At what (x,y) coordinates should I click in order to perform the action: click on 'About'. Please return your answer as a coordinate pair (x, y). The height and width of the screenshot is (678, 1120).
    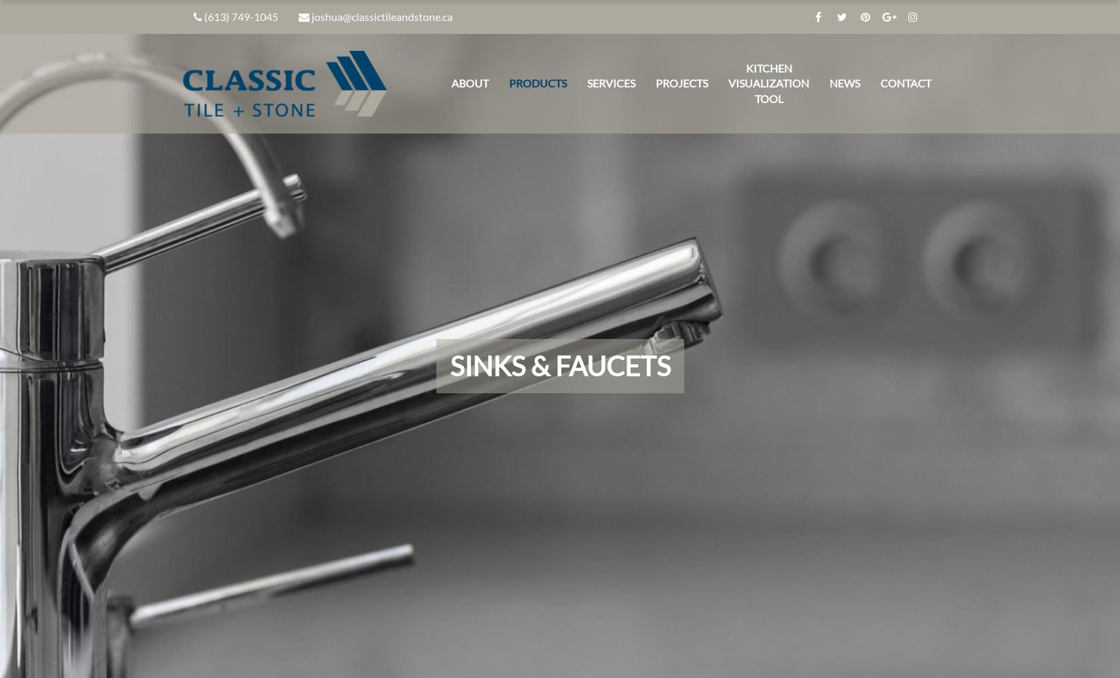
    Looking at the image, I should click on (469, 82).